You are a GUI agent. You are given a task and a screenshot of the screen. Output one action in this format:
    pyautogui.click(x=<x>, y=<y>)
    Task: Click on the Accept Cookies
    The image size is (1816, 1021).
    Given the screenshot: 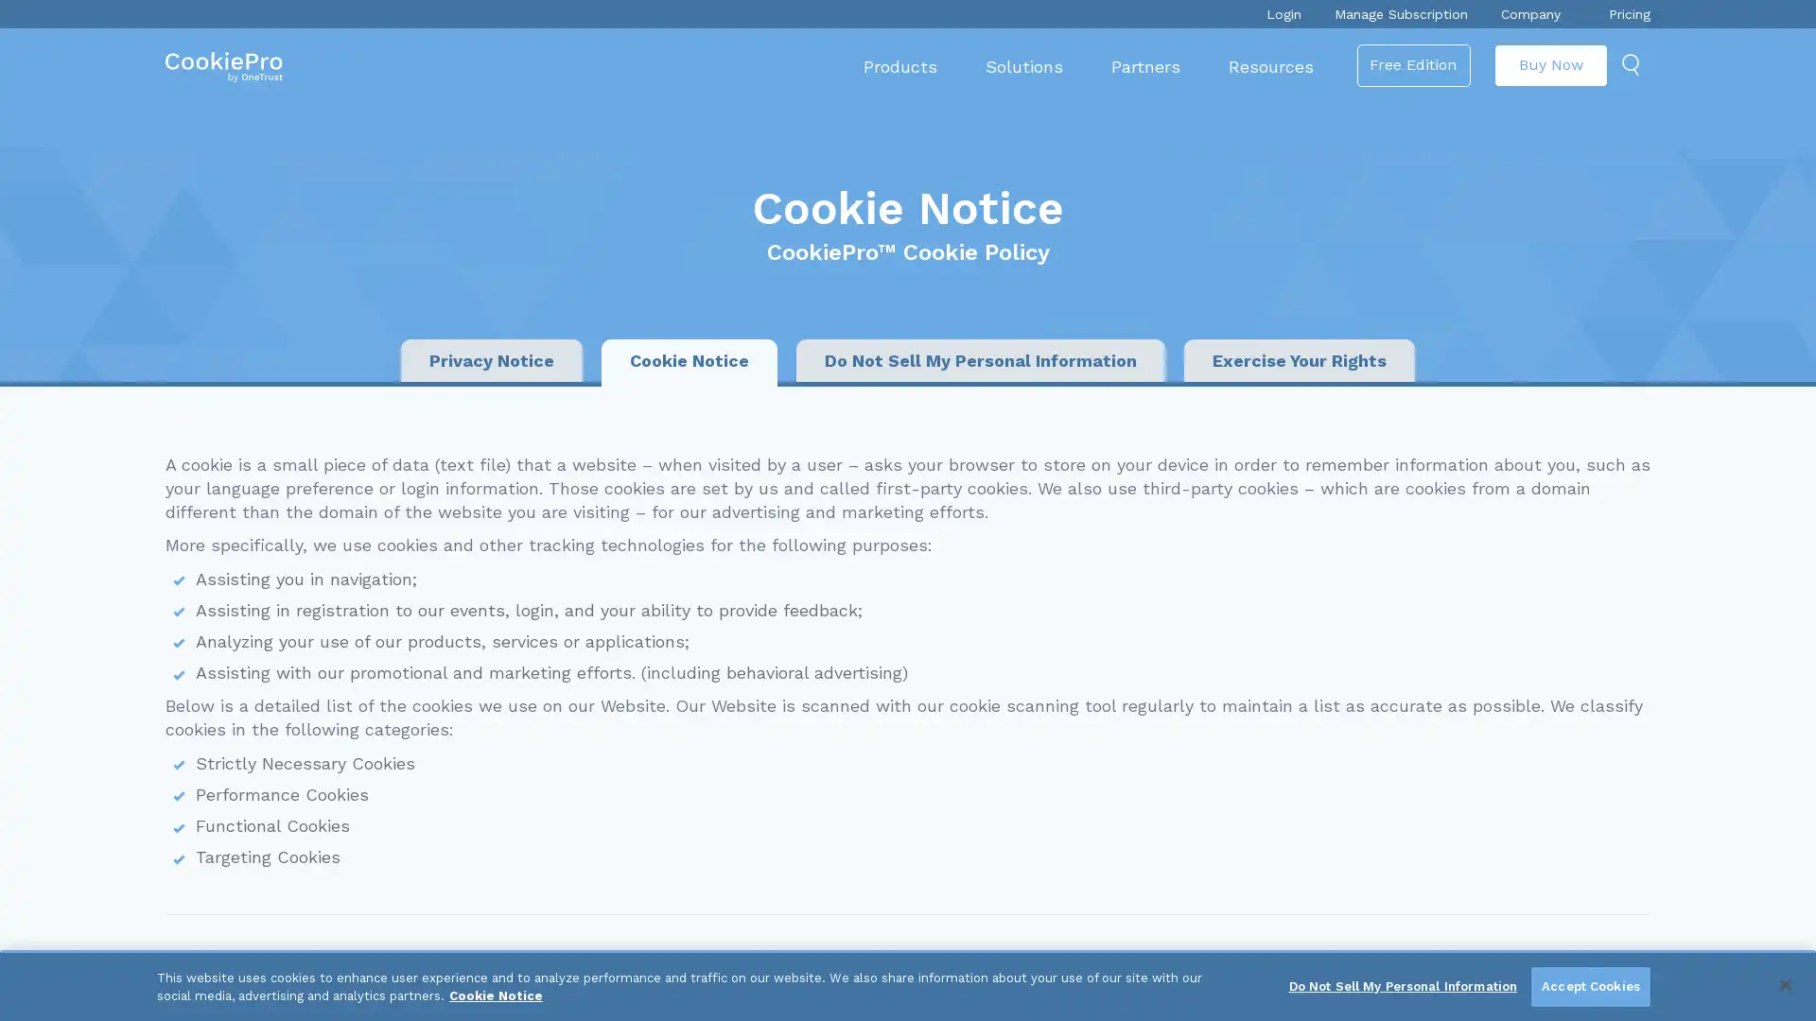 What is the action you would take?
    pyautogui.click(x=1589, y=986)
    